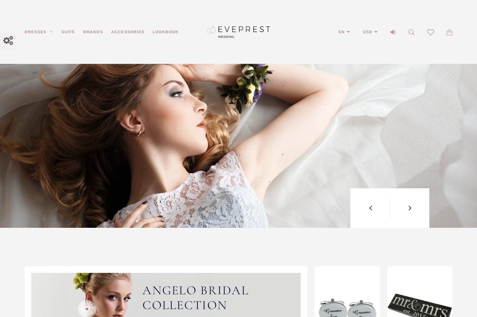  Describe the element at coordinates (275, 154) in the screenshot. I see `'Create your original wedding style!'` at that location.